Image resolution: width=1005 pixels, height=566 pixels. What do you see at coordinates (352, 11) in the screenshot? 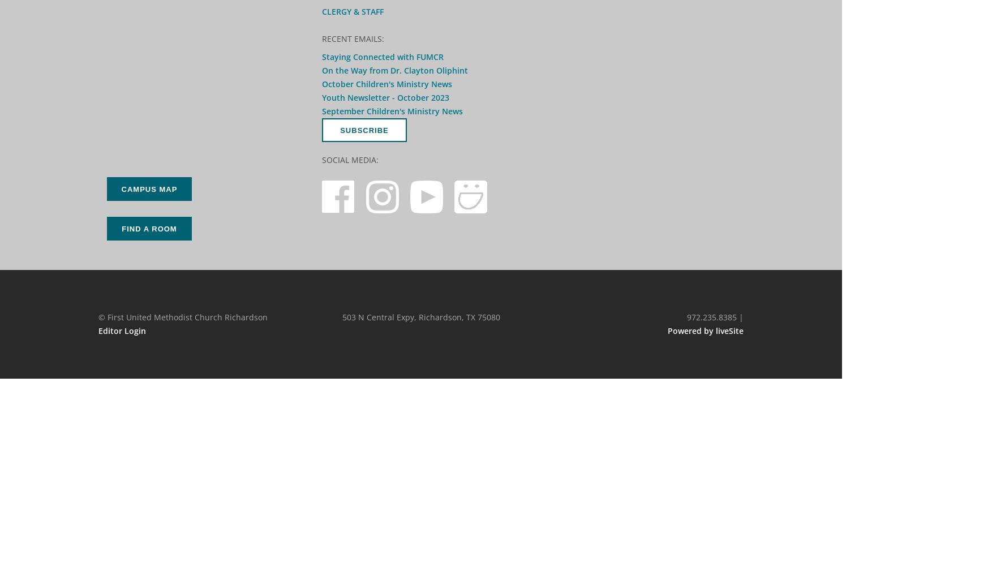
I see `'Clergy & Staff'` at bounding box center [352, 11].